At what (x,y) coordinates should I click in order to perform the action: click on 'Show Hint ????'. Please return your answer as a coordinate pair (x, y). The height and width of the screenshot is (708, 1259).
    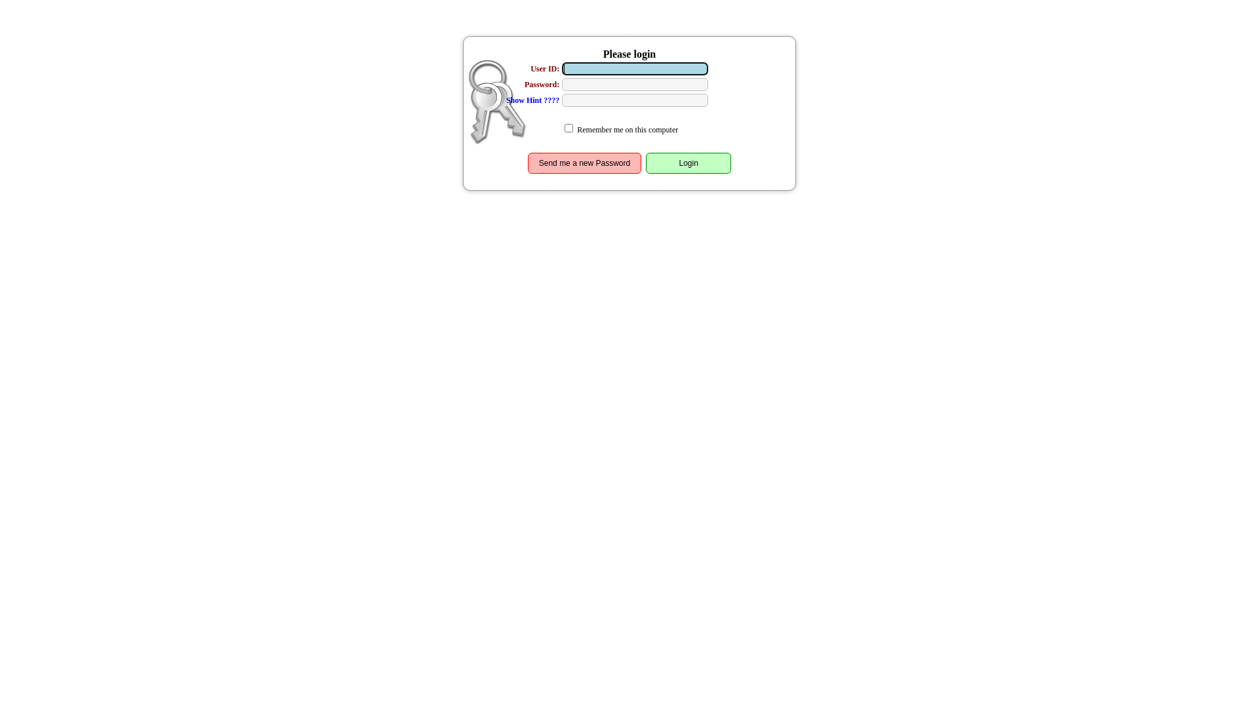
    Looking at the image, I should click on (532, 100).